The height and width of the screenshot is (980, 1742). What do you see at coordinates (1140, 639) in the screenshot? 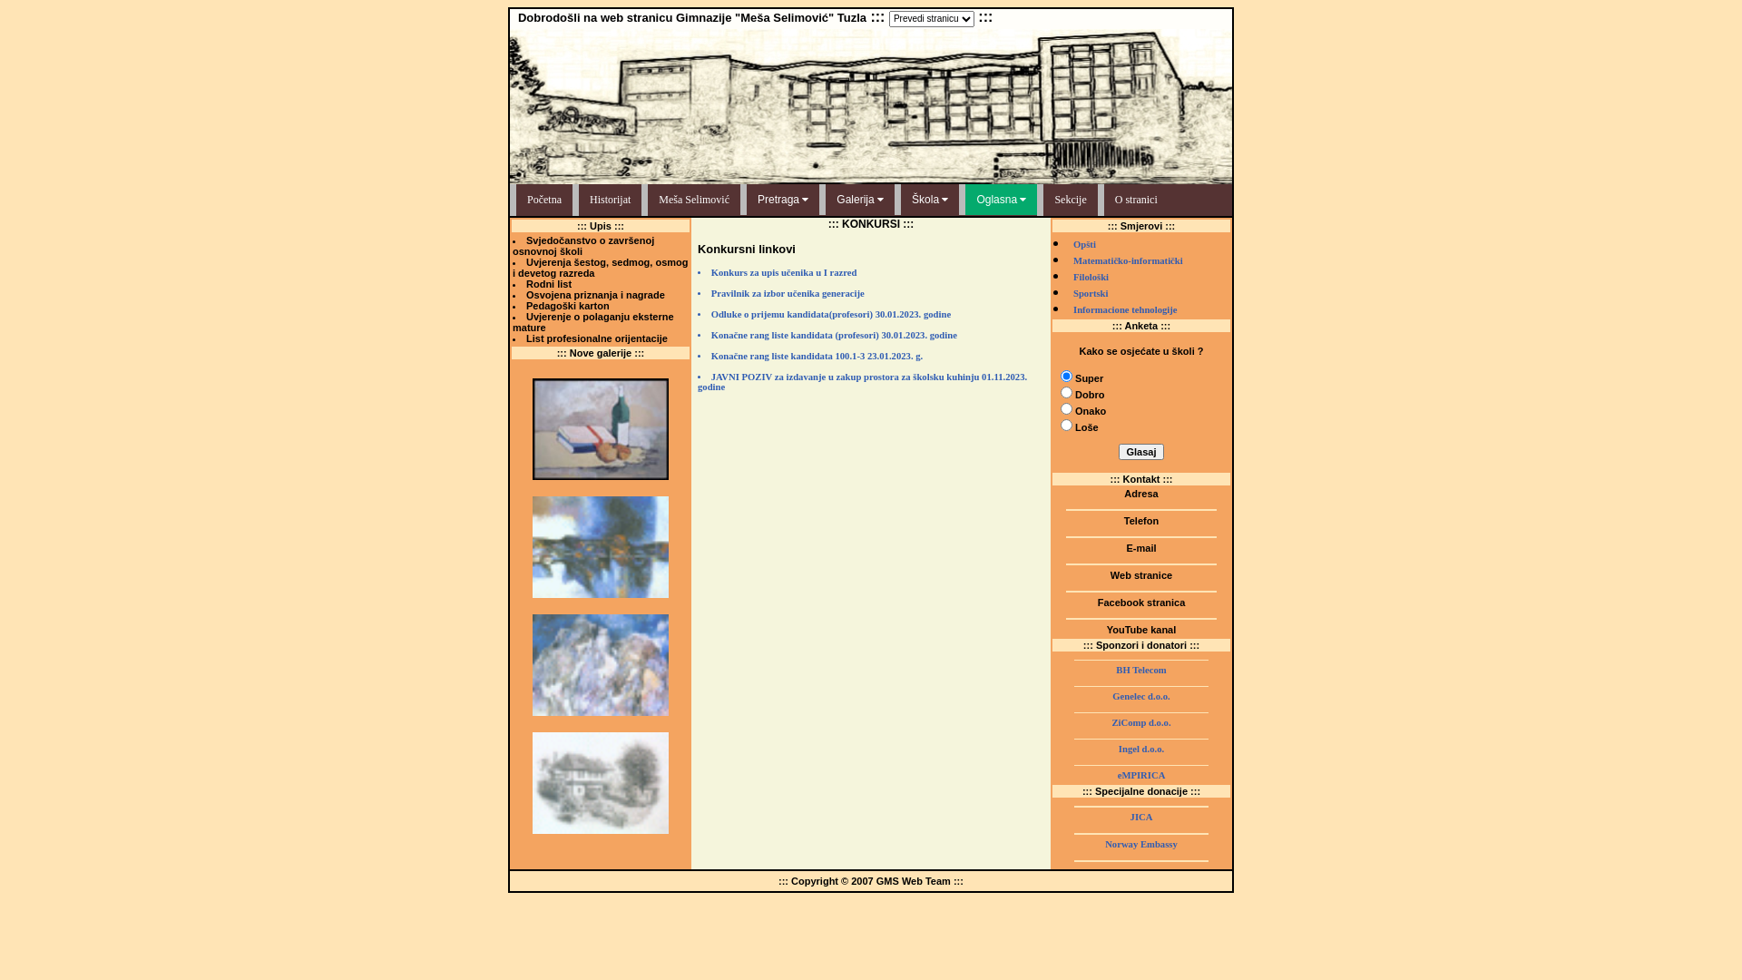
I see `'GMS Tuzla'` at bounding box center [1140, 639].